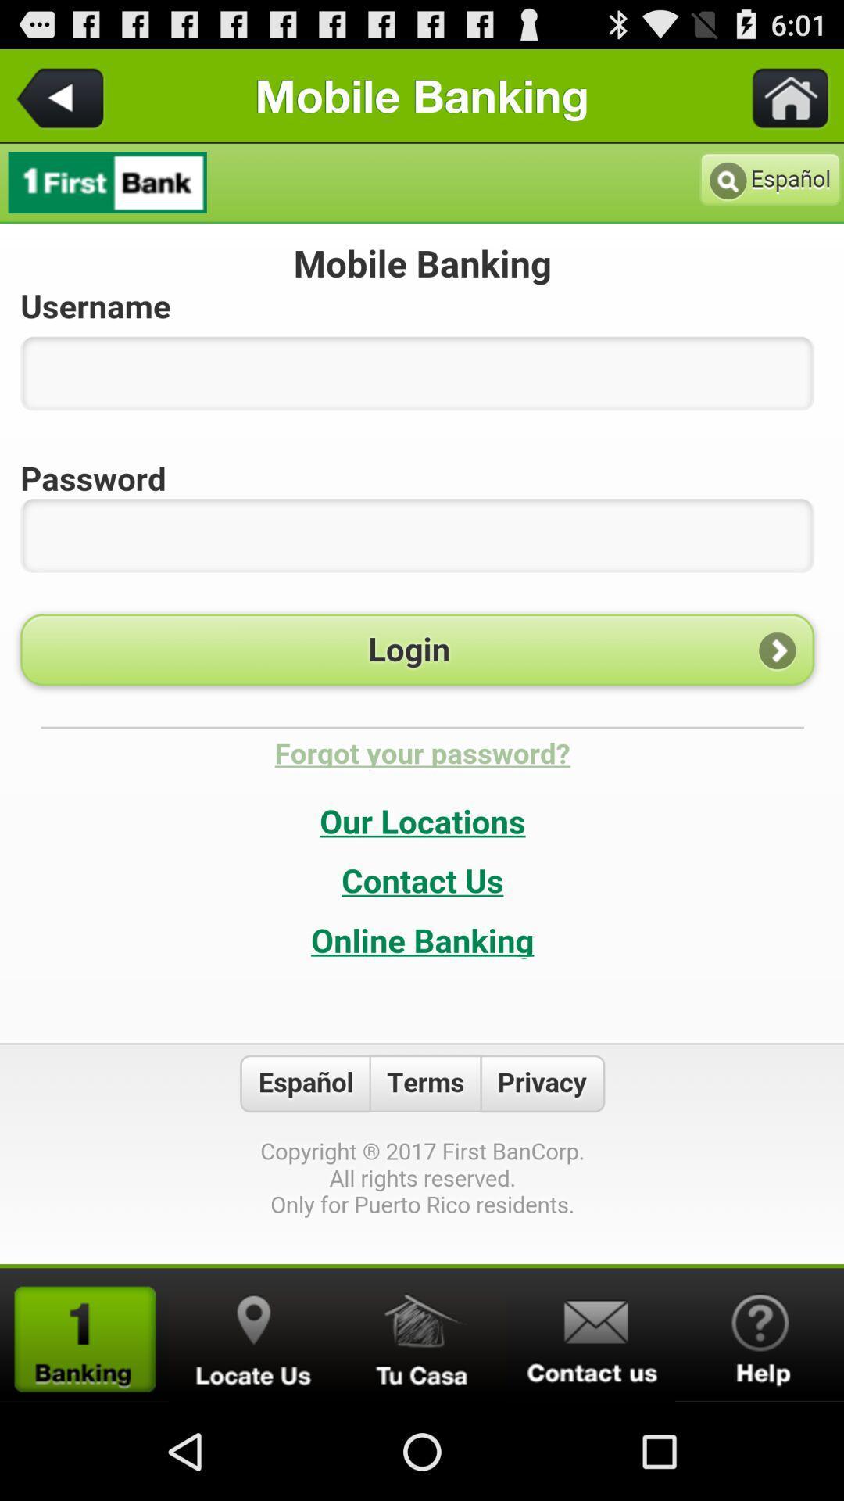 The width and height of the screenshot is (844, 1501). Describe the element at coordinates (591, 1334) in the screenshot. I see `send message` at that location.